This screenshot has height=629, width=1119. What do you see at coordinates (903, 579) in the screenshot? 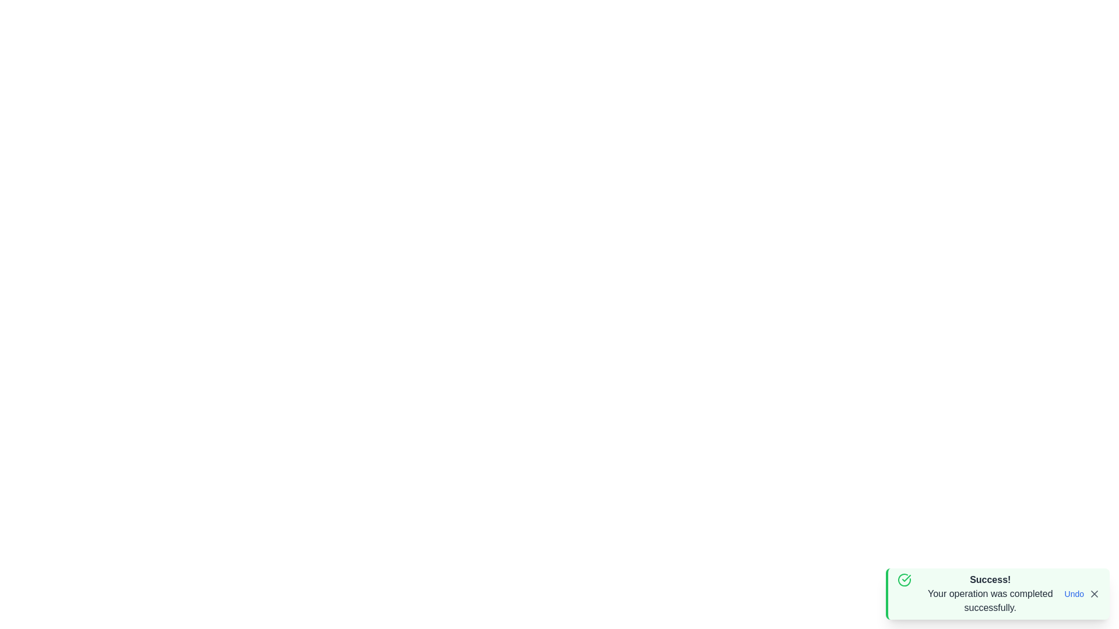
I see `the icon to inspect it for visual feedback` at bounding box center [903, 579].